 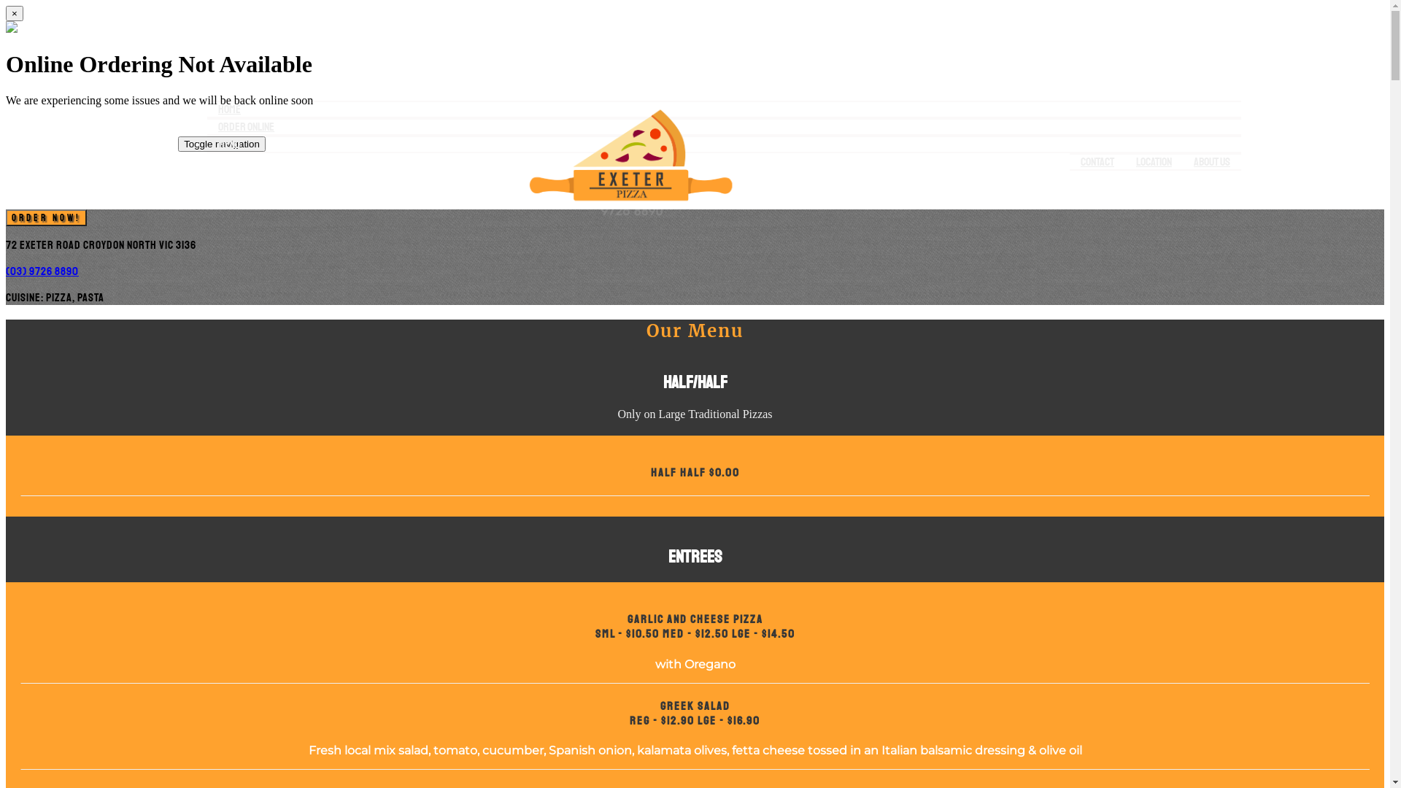 What do you see at coordinates (46, 217) in the screenshot?
I see `'Order Now!'` at bounding box center [46, 217].